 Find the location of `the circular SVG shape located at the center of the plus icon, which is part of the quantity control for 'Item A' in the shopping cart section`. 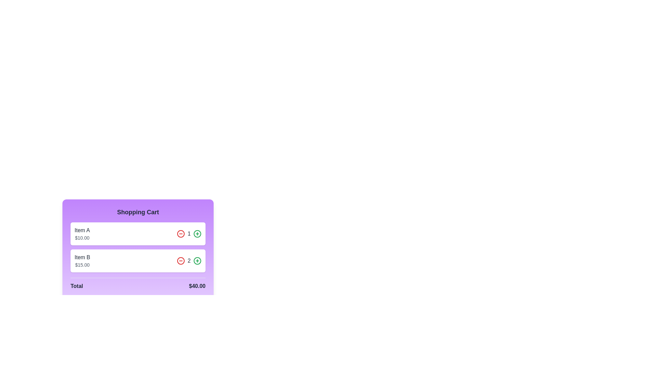

the circular SVG shape located at the center of the plus icon, which is part of the quantity control for 'Item A' in the shopping cart section is located at coordinates (197, 233).